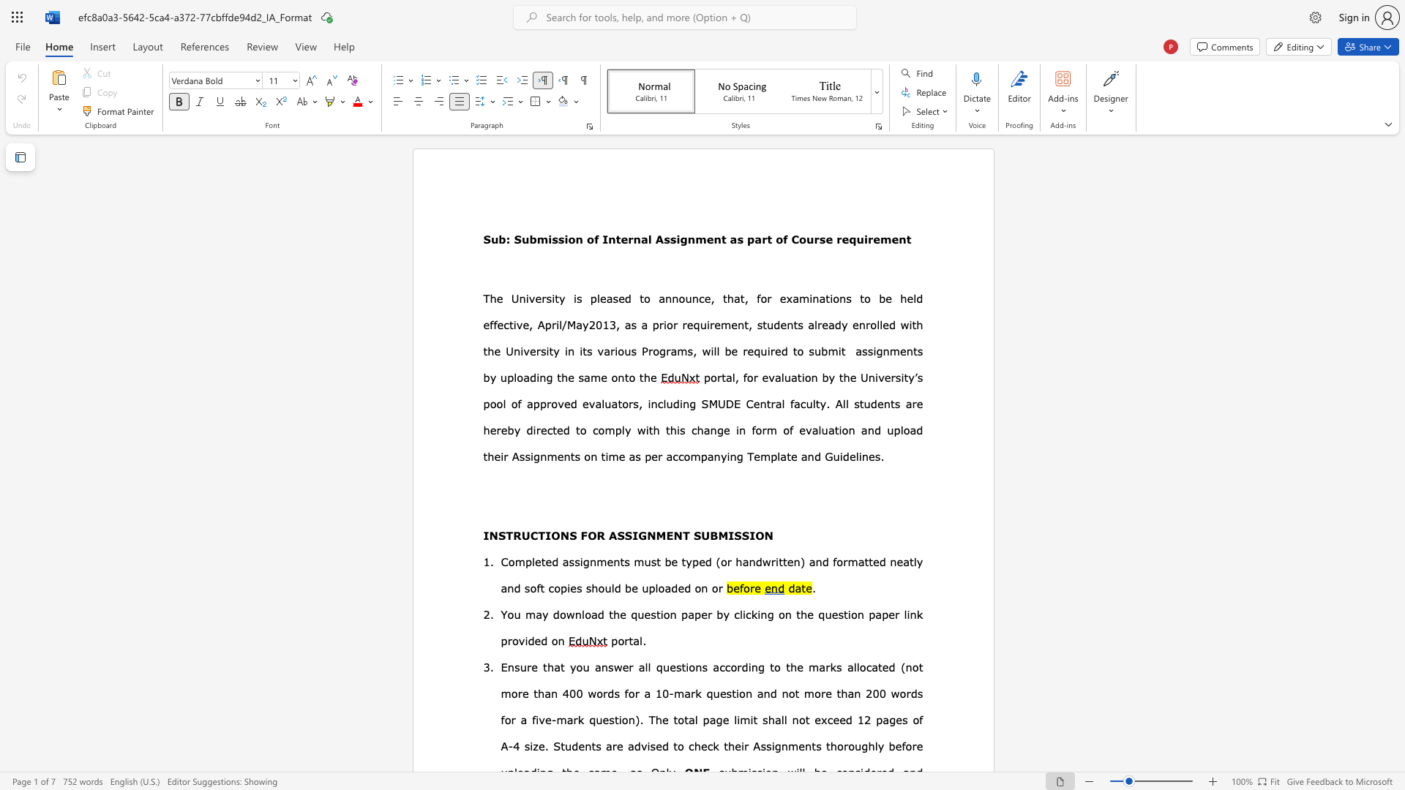 This screenshot has width=1405, height=790. What do you see at coordinates (624, 323) in the screenshot?
I see `the subset text "as a pri" within the text "as a prior requirement,"` at bounding box center [624, 323].